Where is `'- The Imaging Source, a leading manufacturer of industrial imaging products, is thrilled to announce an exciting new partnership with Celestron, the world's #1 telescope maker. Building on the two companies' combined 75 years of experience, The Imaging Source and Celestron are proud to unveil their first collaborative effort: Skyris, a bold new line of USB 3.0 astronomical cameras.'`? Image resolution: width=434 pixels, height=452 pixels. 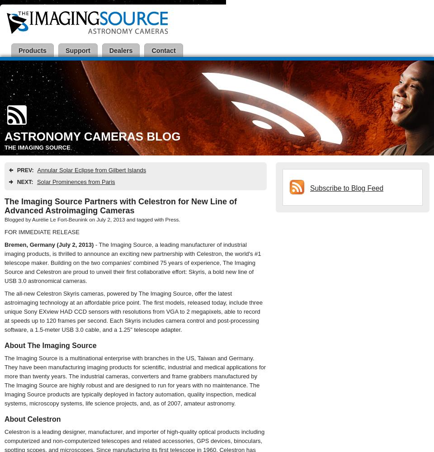 '- The Imaging Source, a leading manufacturer of industrial imaging products, is thrilled to announce an exciting new partnership with Celestron, the world's #1 telescope maker. Building on the two companies' combined 75 years of experience, The Imaging Source and Celestron are proud to unveil their first collaborative effort: Skyris, a bold new line of USB 3.0 astronomical cameras.' is located at coordinates (132, 262).